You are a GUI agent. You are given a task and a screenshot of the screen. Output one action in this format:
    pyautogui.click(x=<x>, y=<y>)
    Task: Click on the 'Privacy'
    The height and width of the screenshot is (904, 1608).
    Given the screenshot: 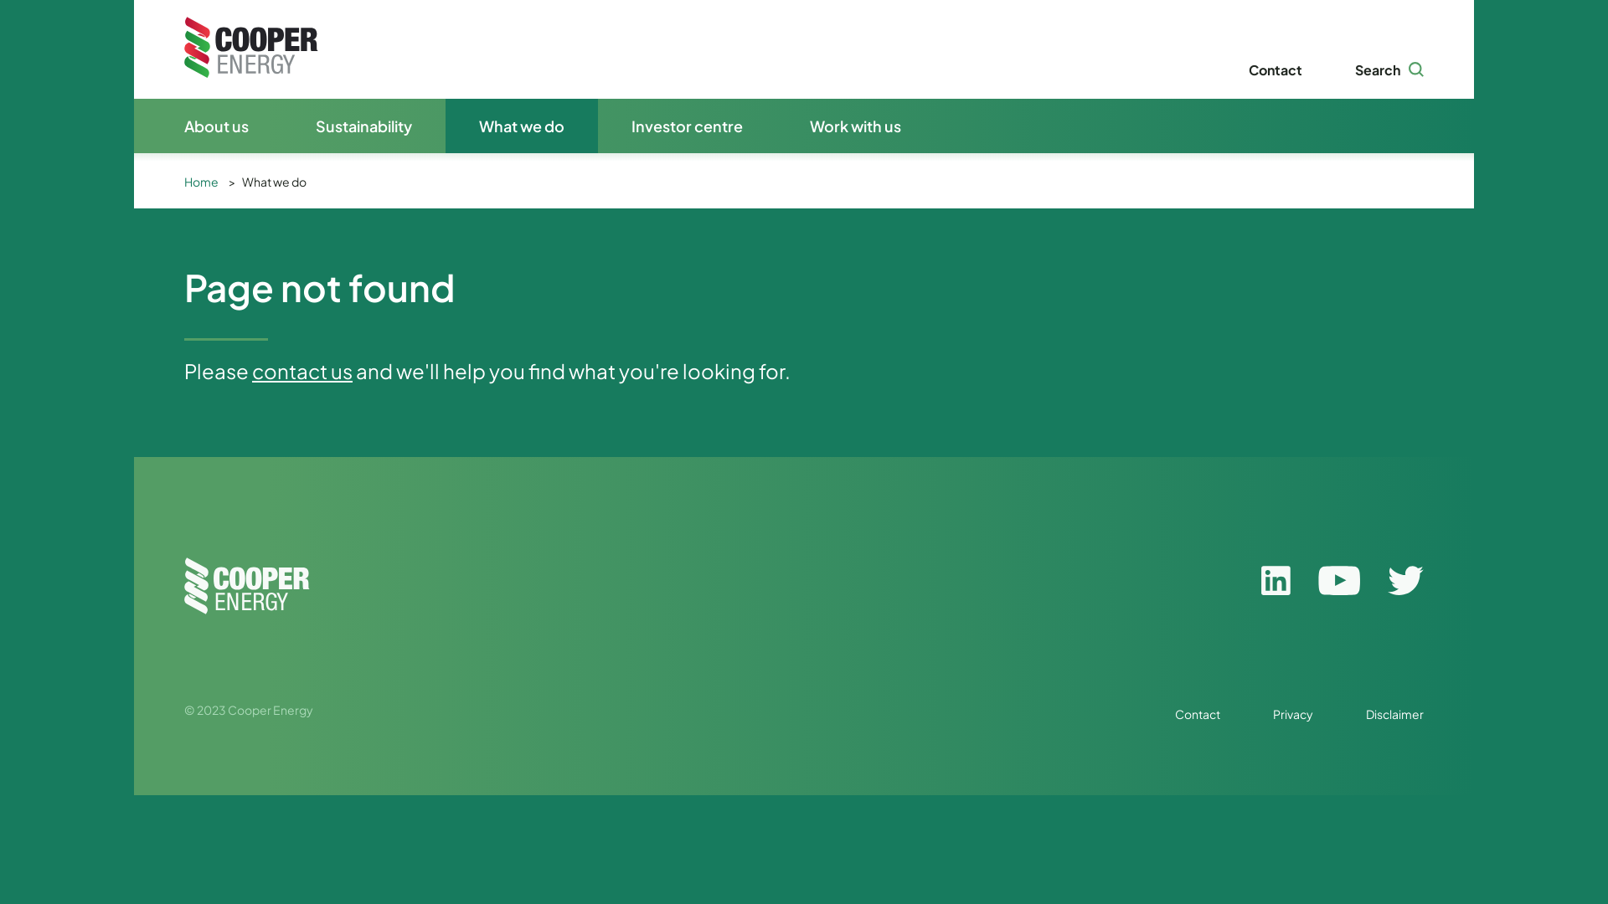 What is the action you would take?
    pyautogui.click(x=1292, y=713)
    